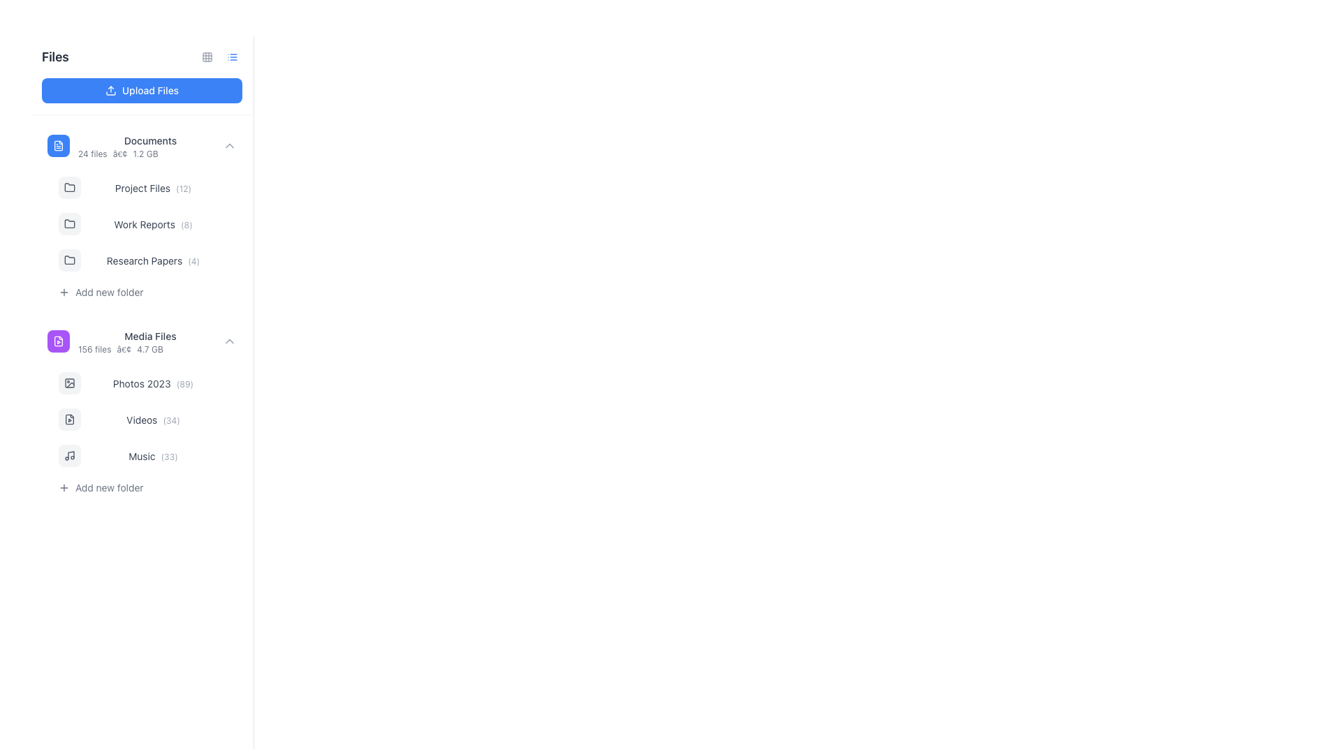 The width and height of the screenshot is (1341, 754). What do you see at coordinates (142, 419) in the screenshot?
I see `the Text label in the left-side hierarchical navigation menu that categorizes files, located under 'Media Files' and positioned second after 'Photos 2023'` at bounding box center [142, 419].